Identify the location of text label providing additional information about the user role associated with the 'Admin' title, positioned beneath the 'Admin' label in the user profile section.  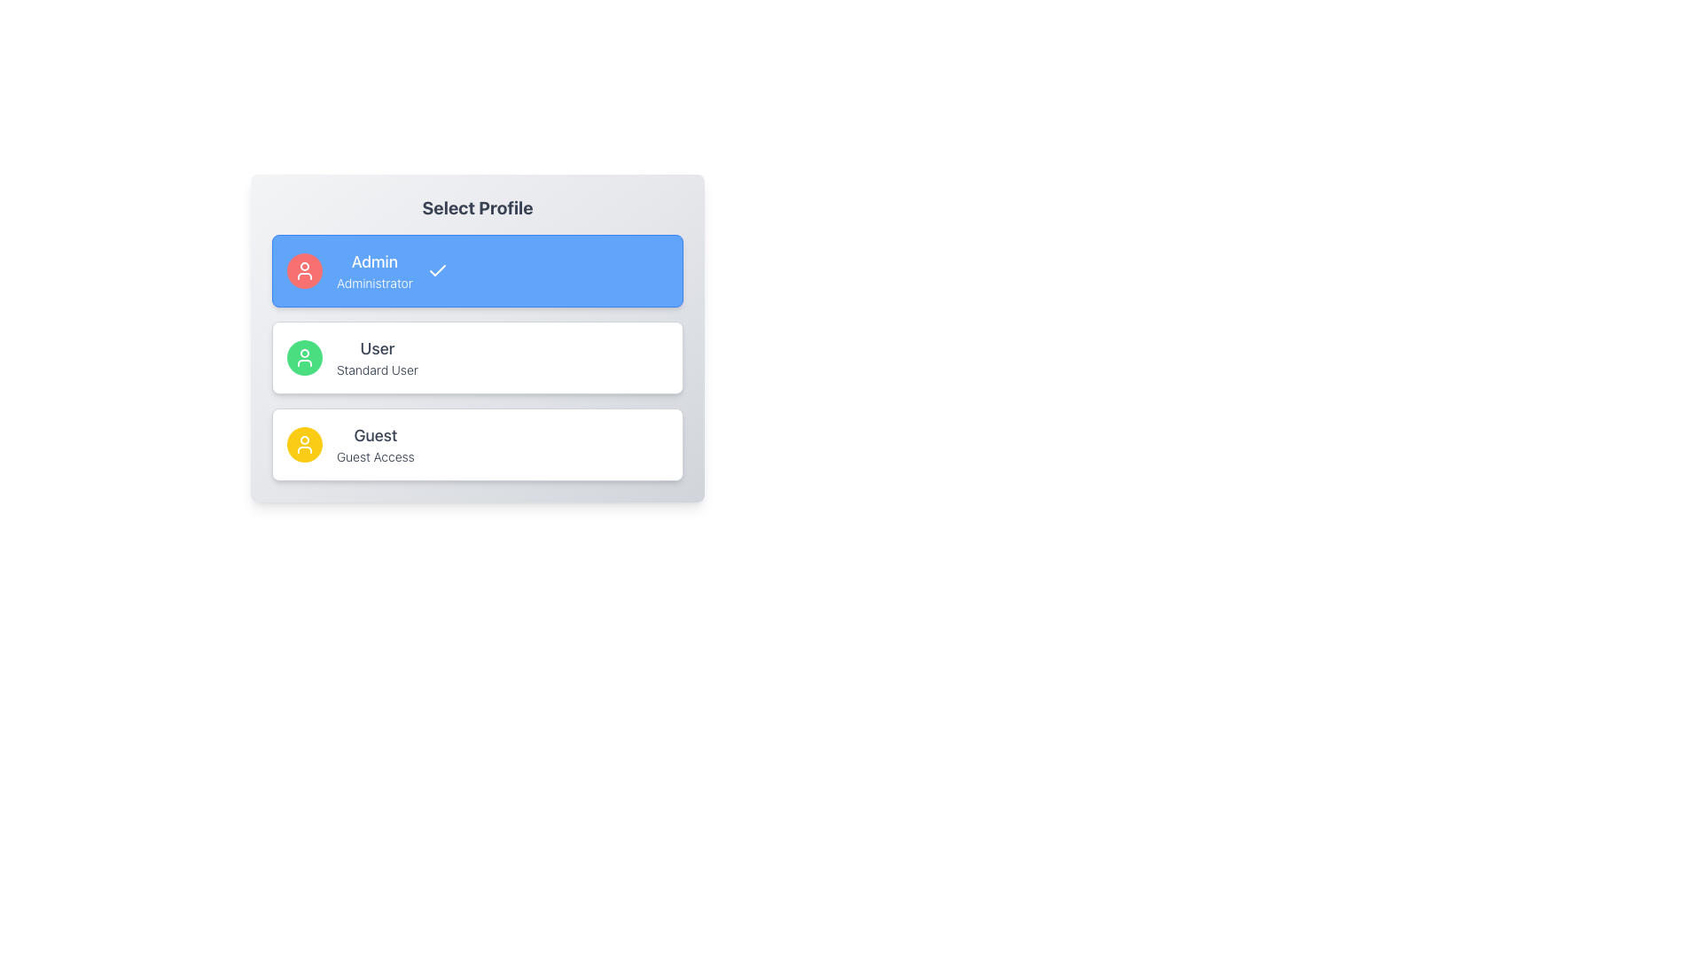
(373, 283).